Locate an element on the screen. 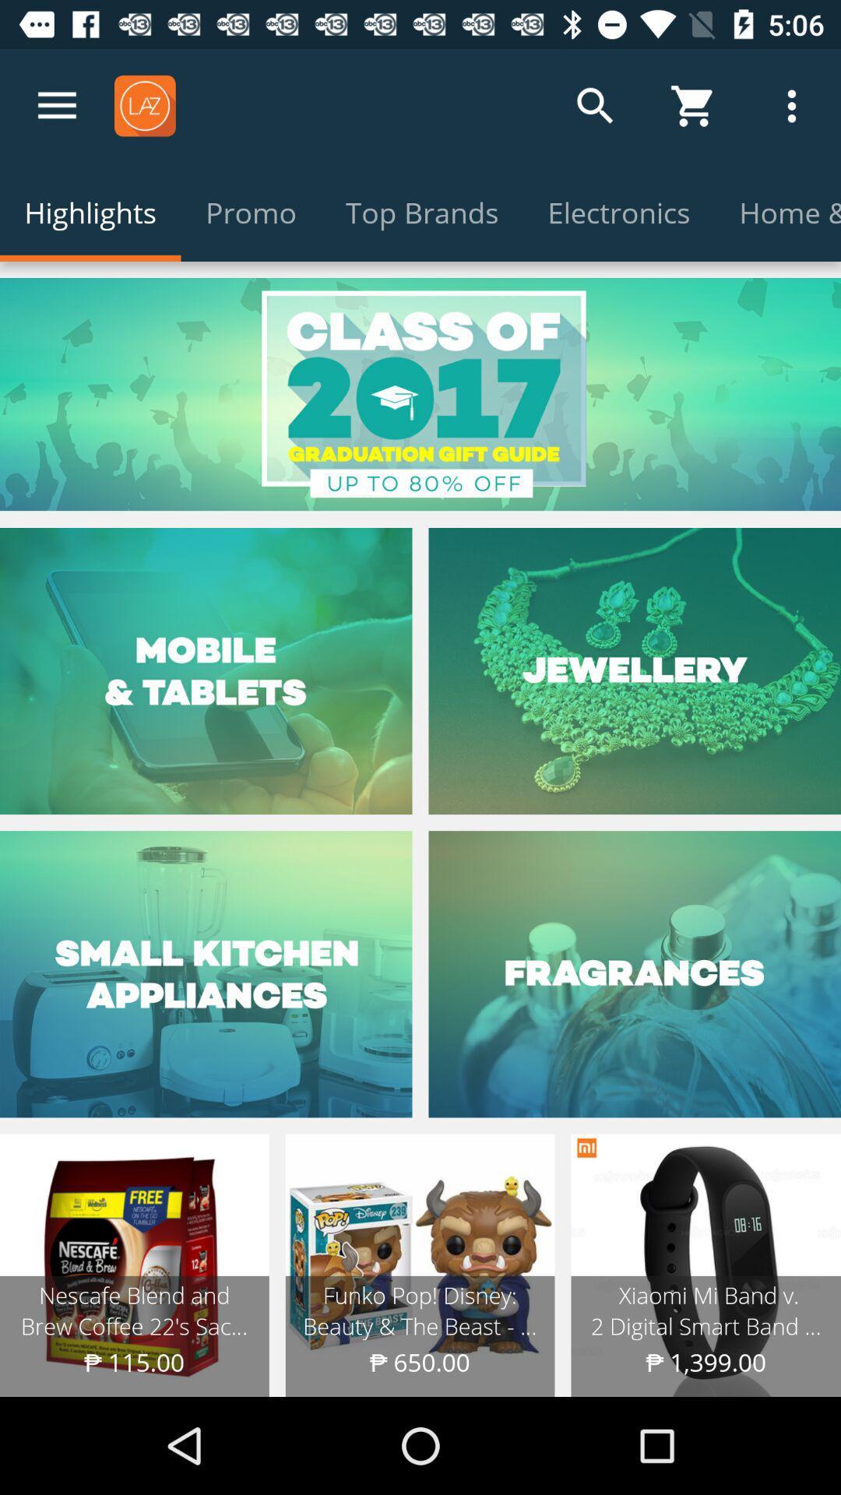  on jewellery is located at coordinates (635, 671).